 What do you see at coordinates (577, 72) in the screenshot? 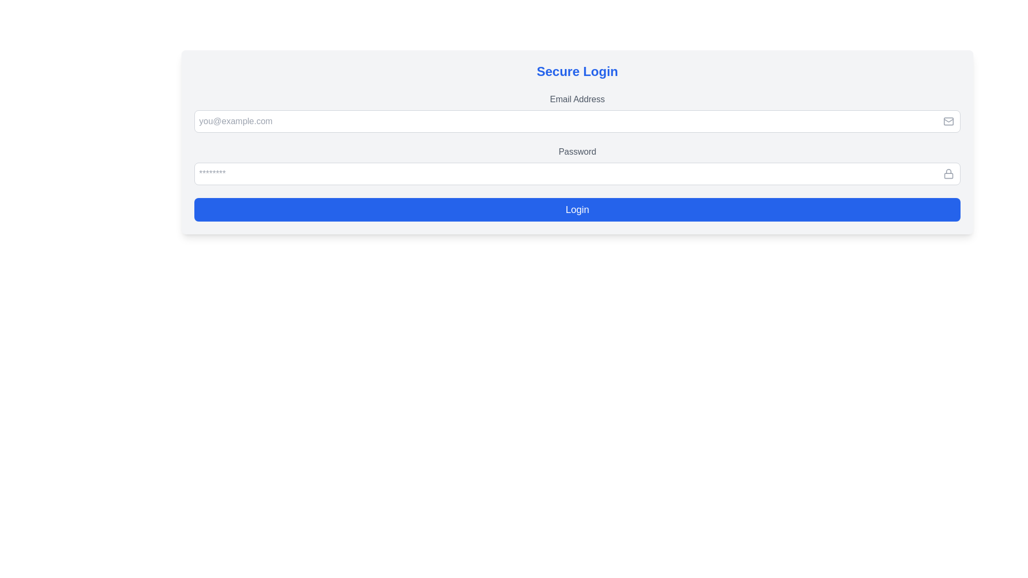
I see `the header text label indicating the purpose of the secure login form, which is centrally located above the input fields and login button` at bounding box center [577, 72].